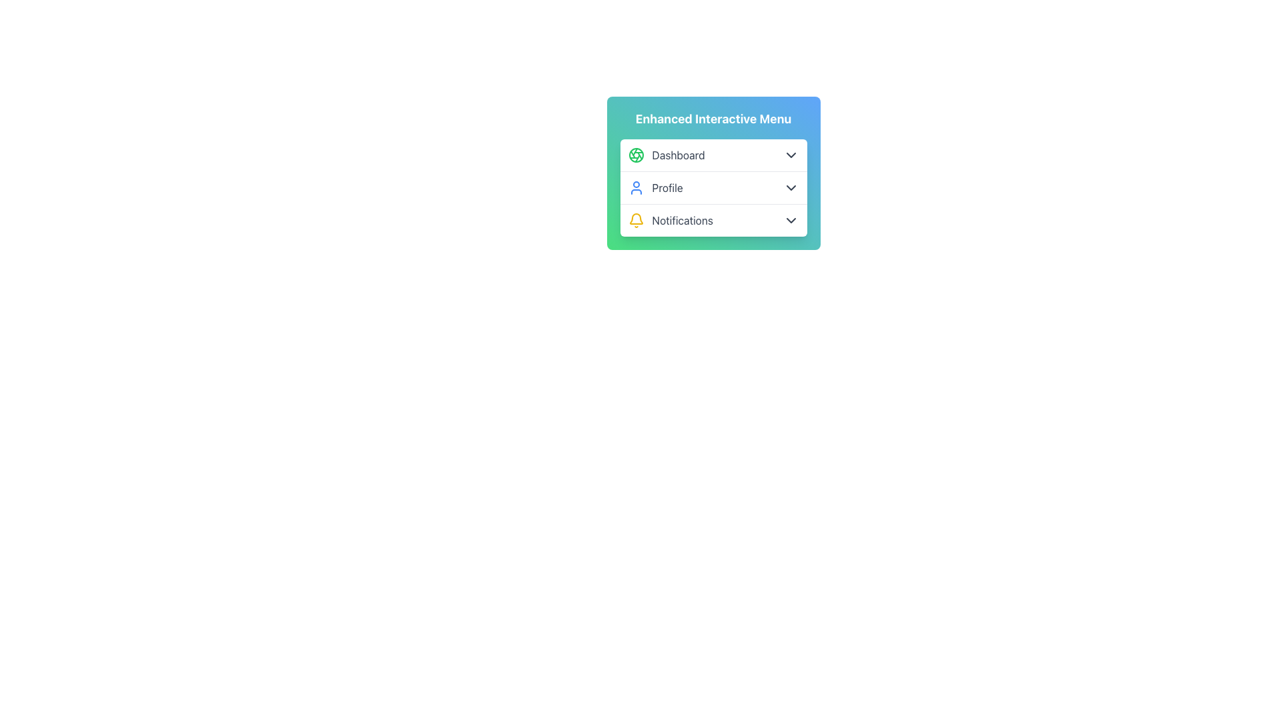 This screenshot has height=720, width=1281. What do you see at coordinates (713, 219) in the screenshot?
I see `the Notifications menu item button located as the third item in the vertical menu, positioned below the Dashboard and Profile items` at bounding box center [713, 219].